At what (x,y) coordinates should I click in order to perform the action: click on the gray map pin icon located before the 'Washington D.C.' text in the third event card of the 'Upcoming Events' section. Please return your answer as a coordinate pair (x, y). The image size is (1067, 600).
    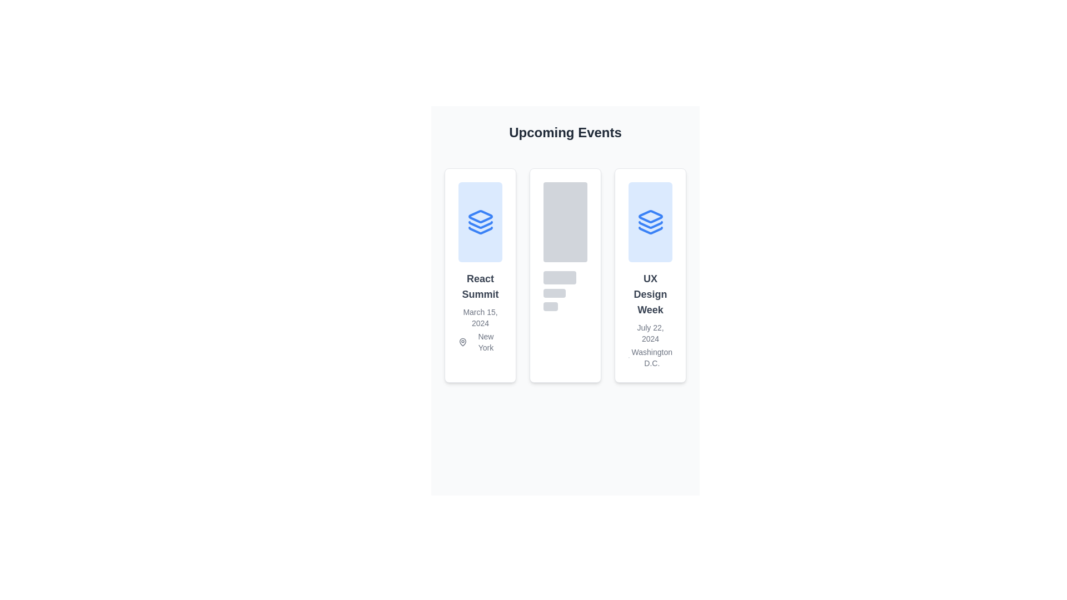
    Looking at the image, I should click on (629, 358).